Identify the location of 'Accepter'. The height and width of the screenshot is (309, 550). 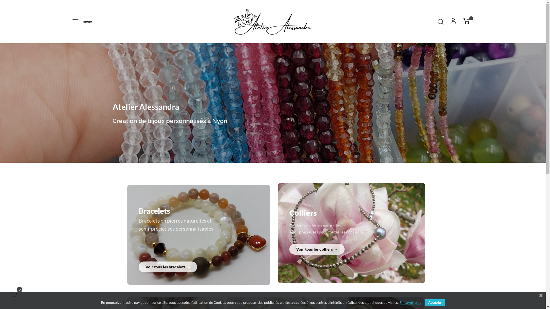
(435, 302).